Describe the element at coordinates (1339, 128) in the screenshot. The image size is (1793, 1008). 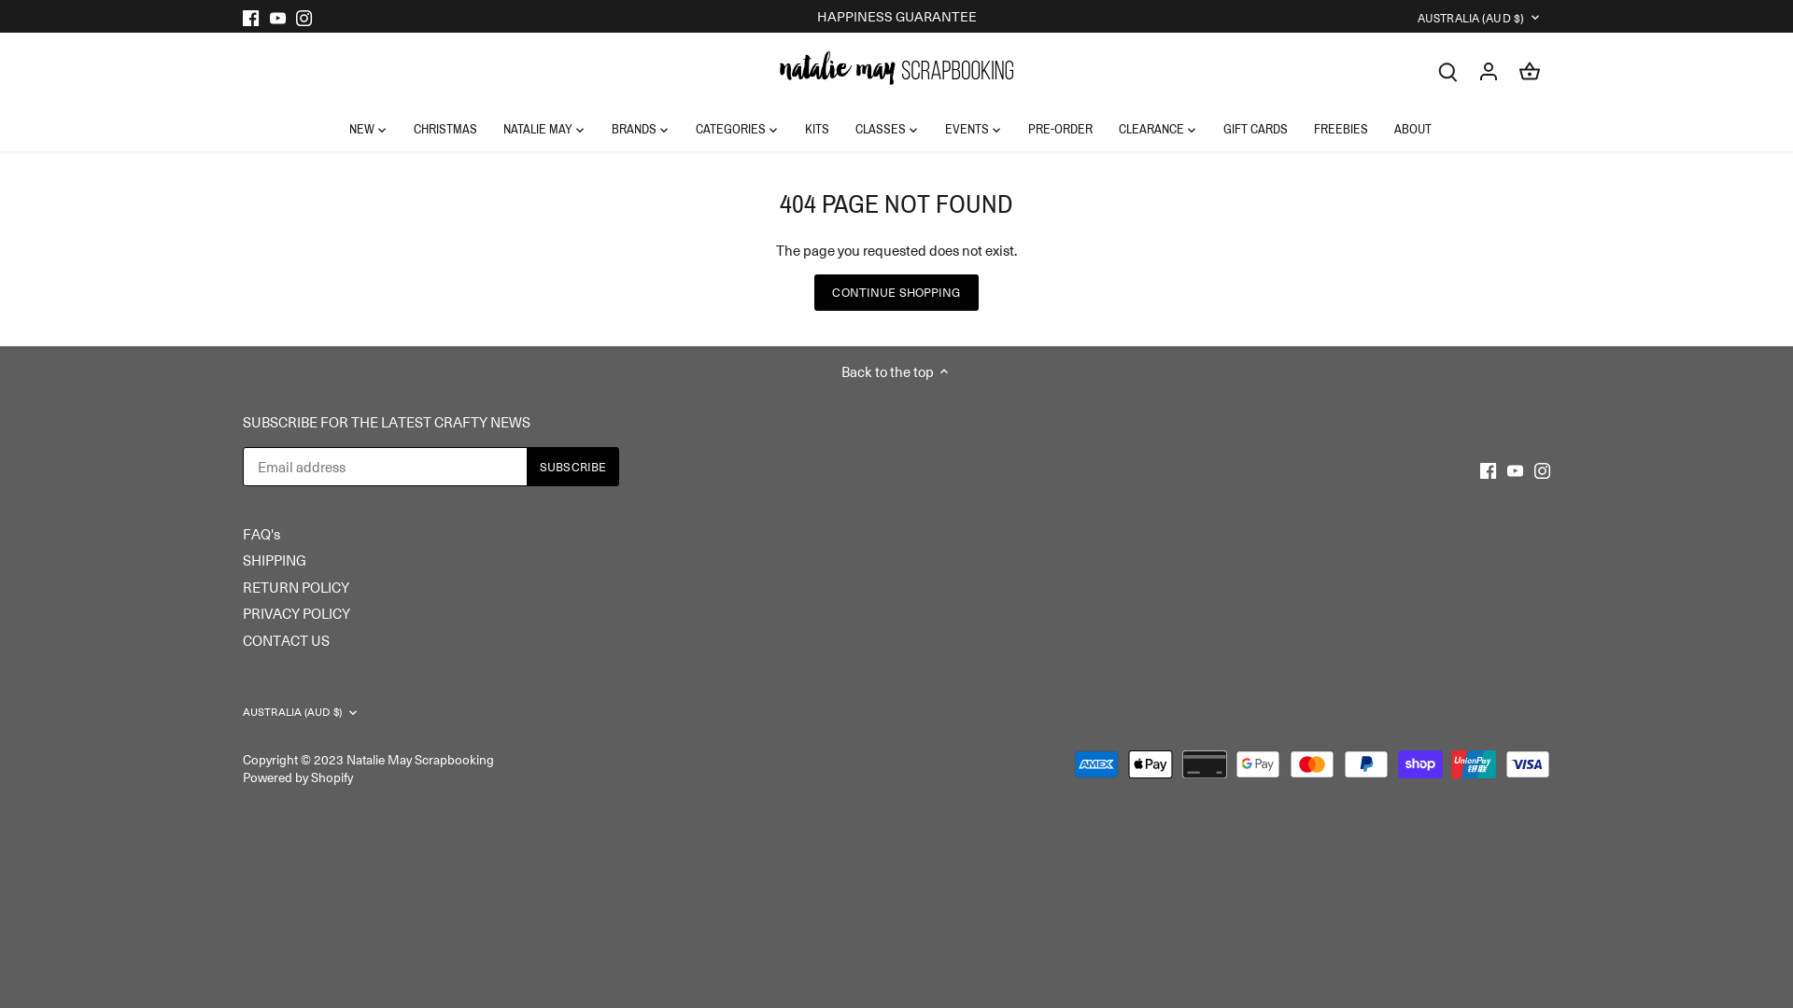
I see `'FREEBIES'` at that location.